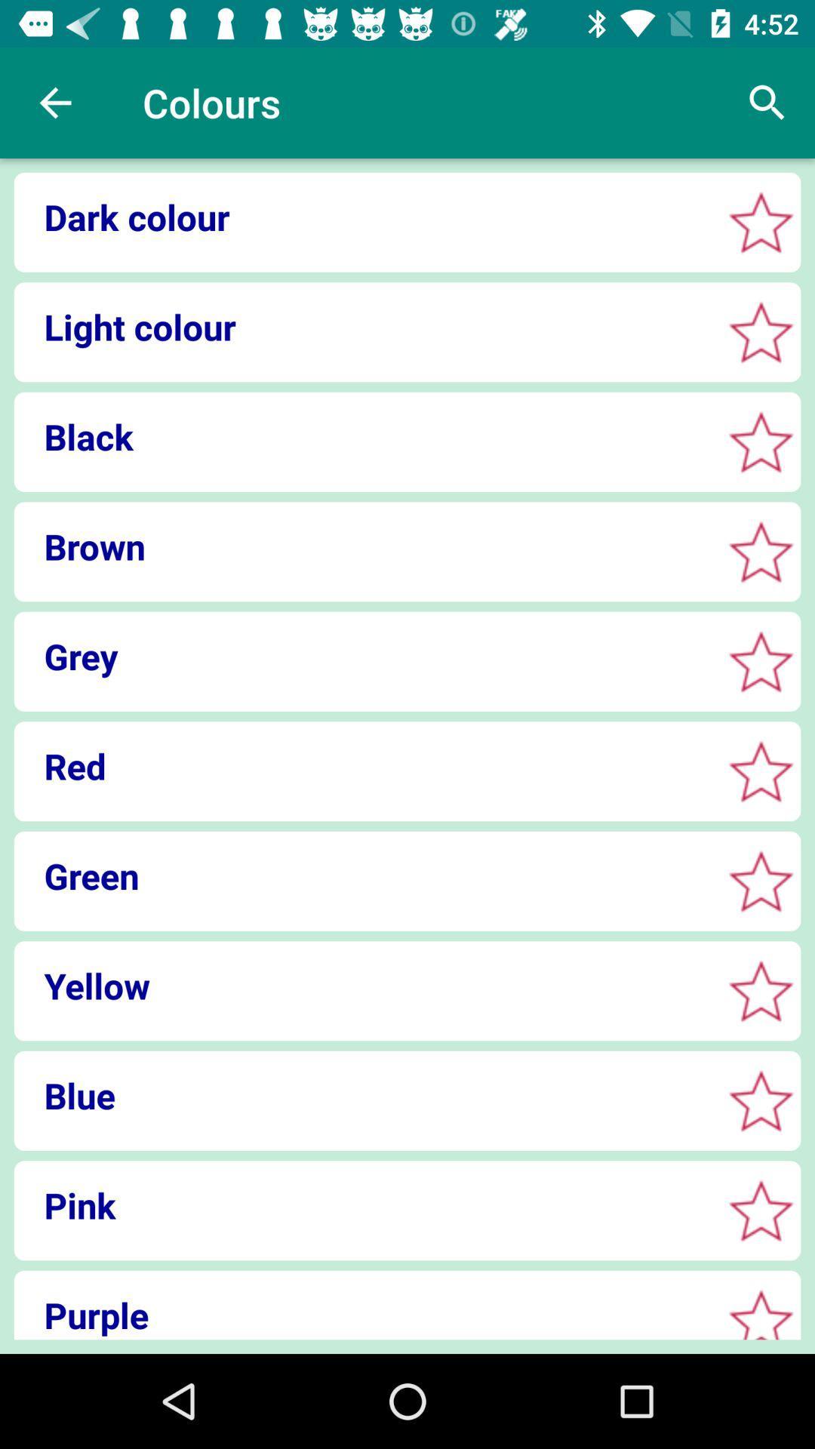 This screenshot has height=1449, width=815. Describe the element at coordinates (363, 435) in the screenshot. I see `item above brown` at that location.